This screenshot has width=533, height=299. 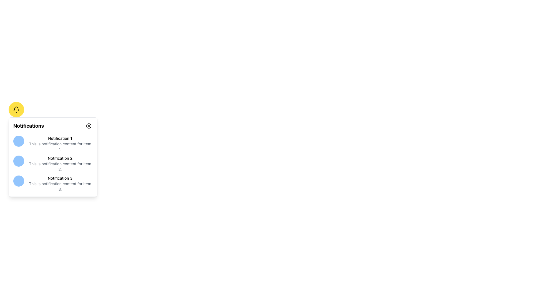 I want to click on the black bell-shaped SVG icon with a hollow stroke design, which is centrally located within a yellow circular button, so click(x=16, y=110).